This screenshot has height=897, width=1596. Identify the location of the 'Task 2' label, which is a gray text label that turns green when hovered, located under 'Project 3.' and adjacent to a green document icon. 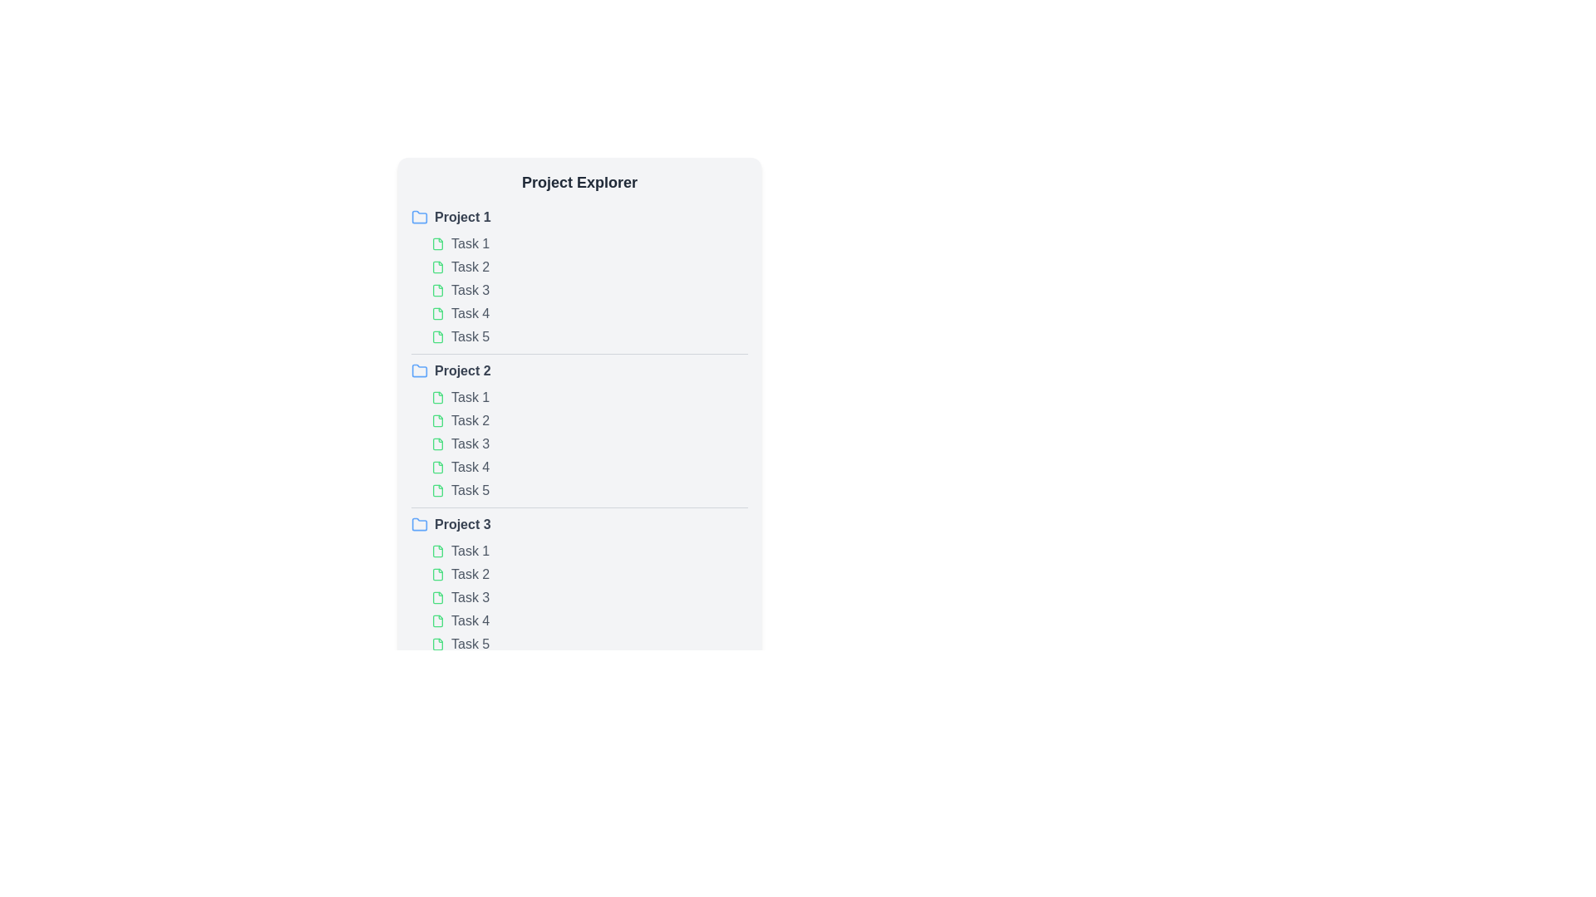
(470, 573).